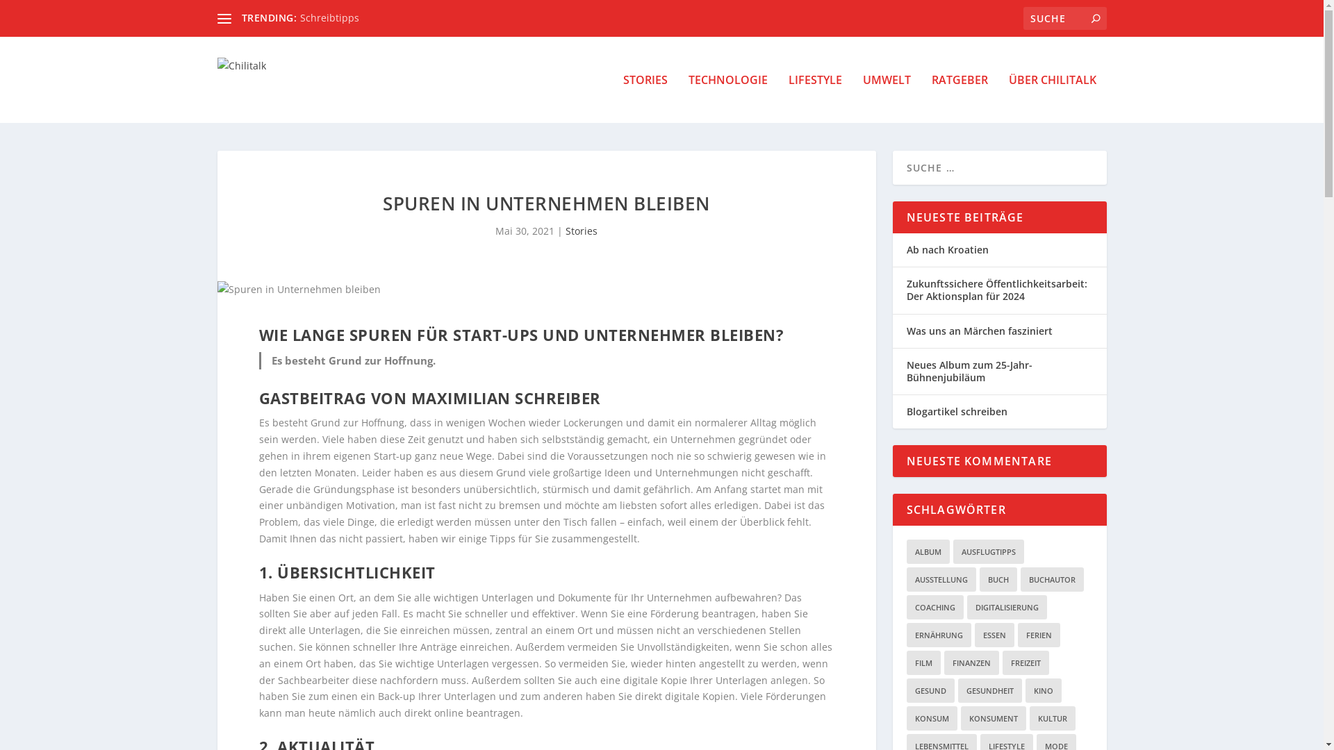 Image resolution: width=1334 pixels, height=750 pixels. What do you see at coordinates (814, 98) in the screenshot?
I see `'LIFESTYLE'` at bounding box center [814, 98].